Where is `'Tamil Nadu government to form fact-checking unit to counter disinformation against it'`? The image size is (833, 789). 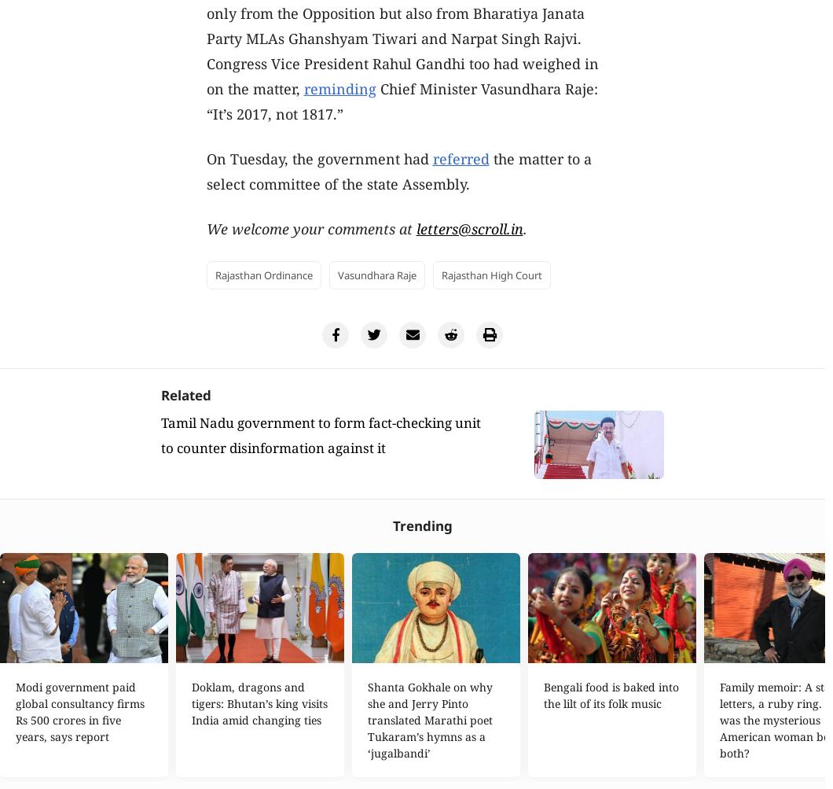
'Tamil Nadu government to form fact-checking unit to counter disinformation against it' is located at coordinates (320, 433).